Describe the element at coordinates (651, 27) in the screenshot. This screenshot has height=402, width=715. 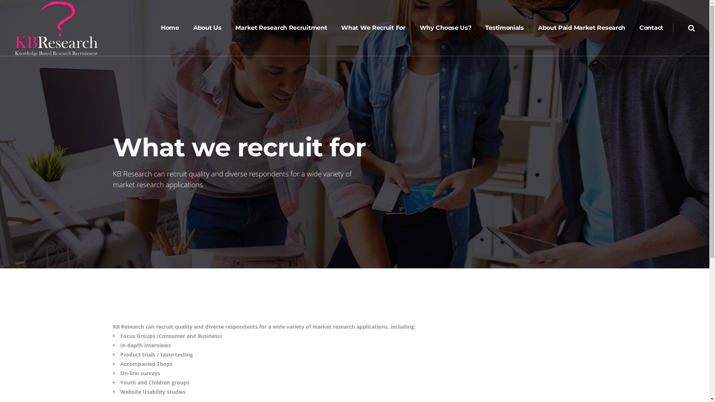
I see `'Contact'` at that location.